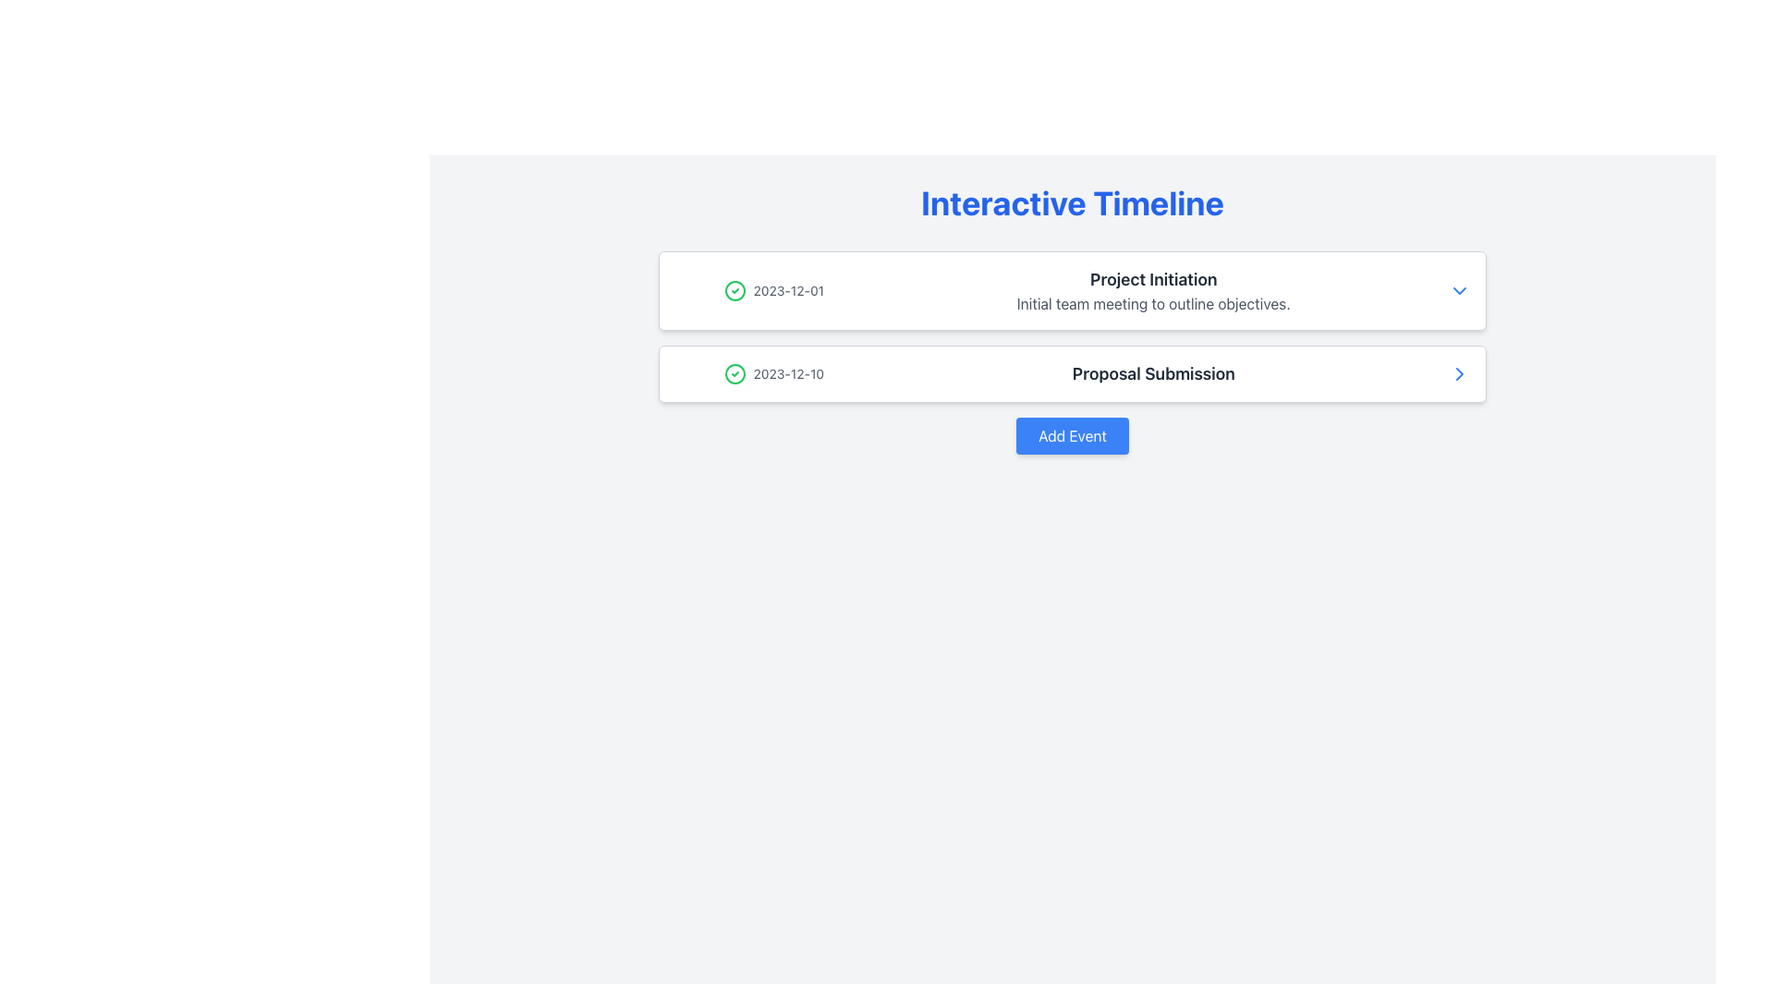  What do you see at coordinates (1152, 280) in the screenshot?
I see `the 'Project Initiation' text label, which is styled in bold and larger font` at bounding box center [1152, 280].